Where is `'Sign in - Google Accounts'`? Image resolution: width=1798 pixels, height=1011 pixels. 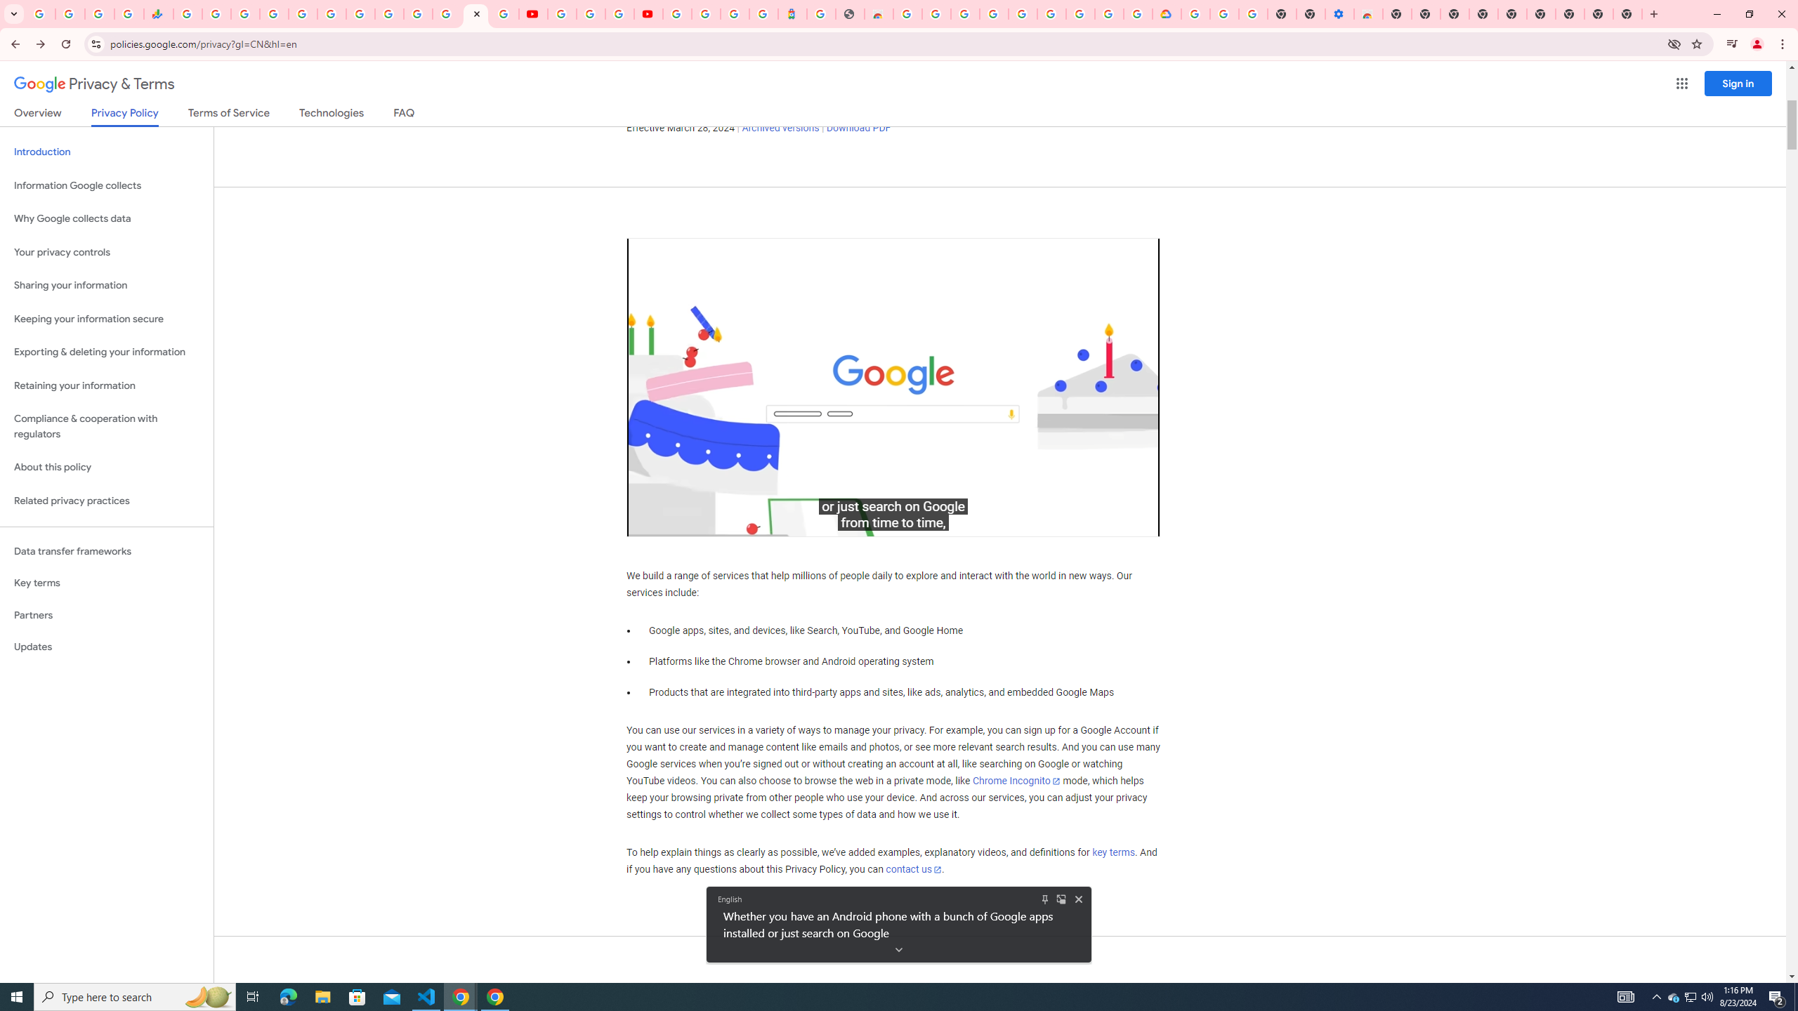 'Sign in - Google Accounts' is located at coordinates (274, 13).